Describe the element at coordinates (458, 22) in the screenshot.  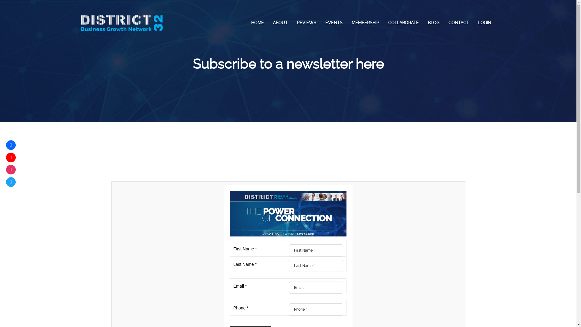
I see `'CONTACT'` at that location.